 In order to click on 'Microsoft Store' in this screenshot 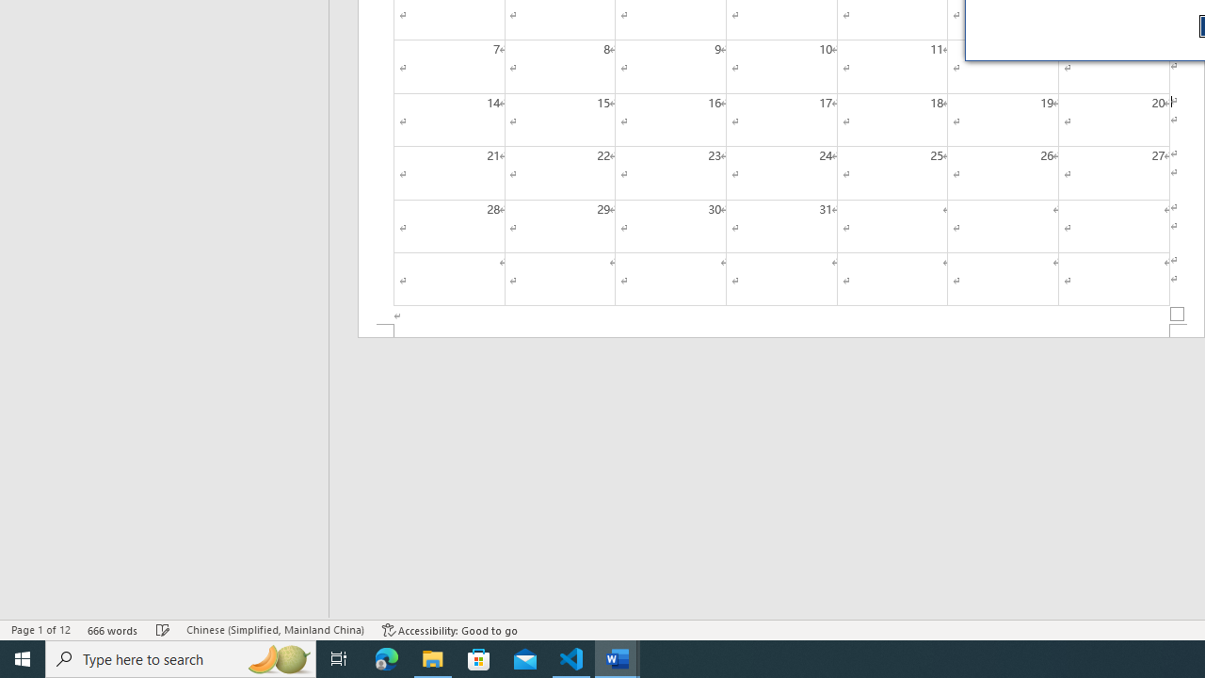, I will do `click(479, 657)`.